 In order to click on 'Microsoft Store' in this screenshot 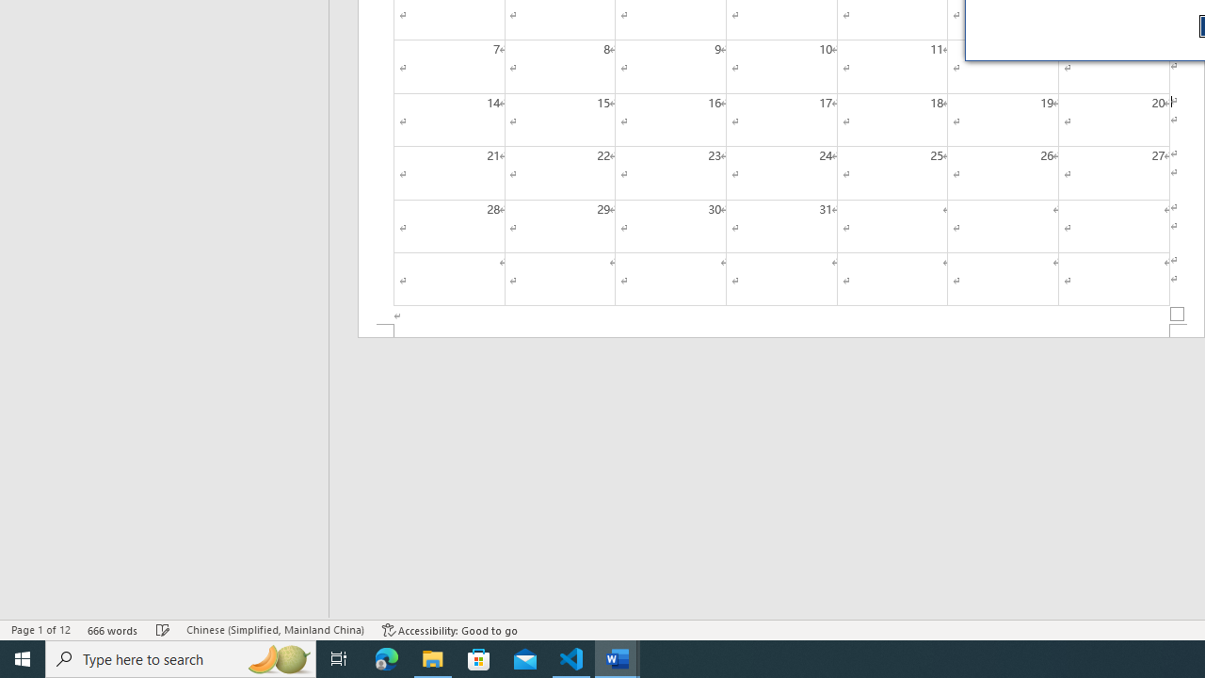, I will do `click(479, 657)`.